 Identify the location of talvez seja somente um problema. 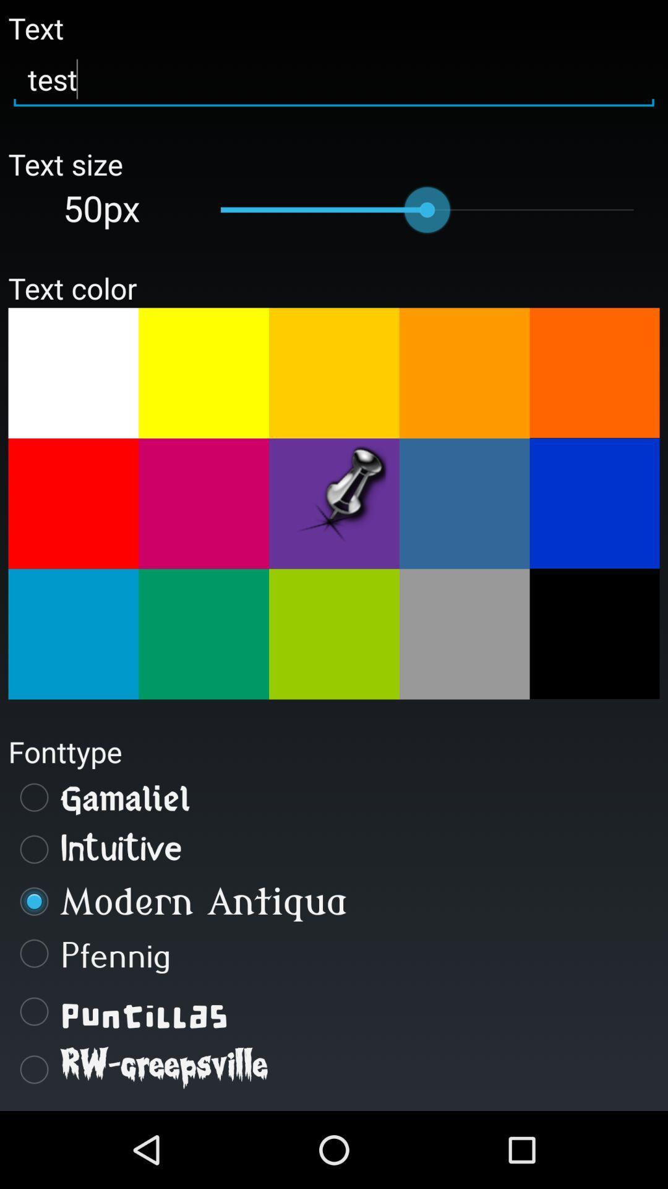
(594, 634).